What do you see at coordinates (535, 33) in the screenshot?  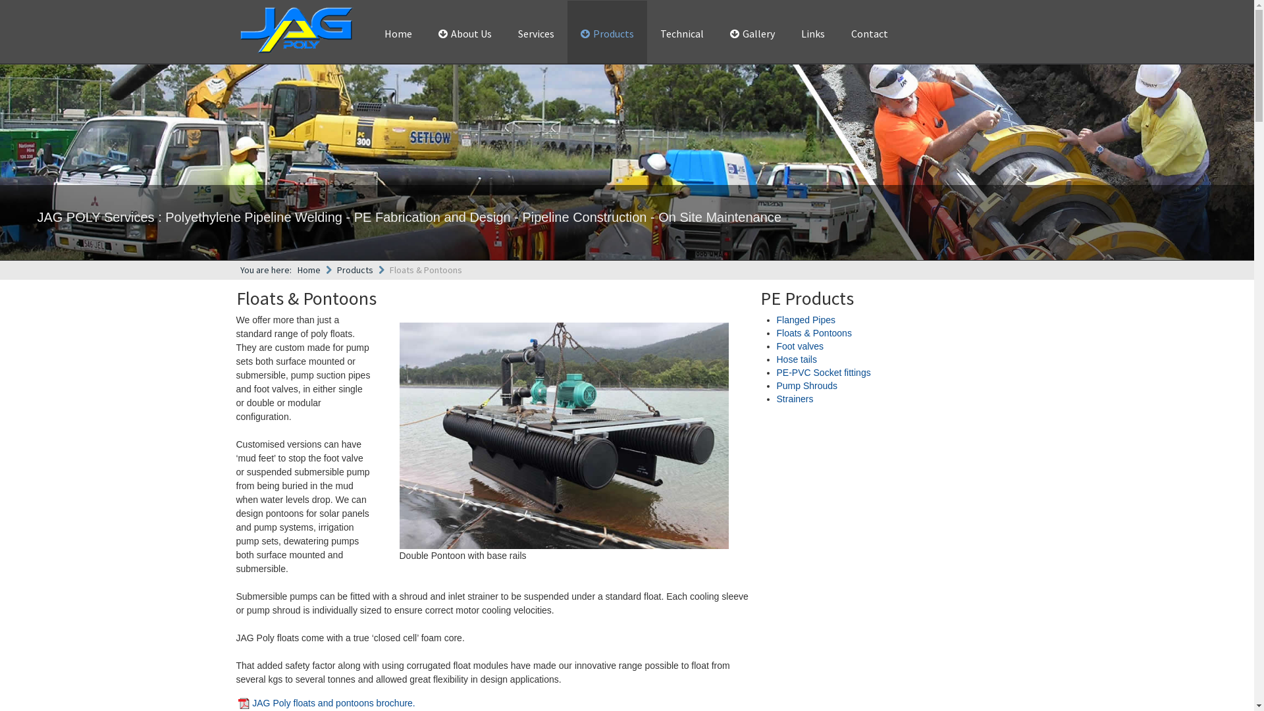 I see `'Services'` at bounding box center [535, 33].